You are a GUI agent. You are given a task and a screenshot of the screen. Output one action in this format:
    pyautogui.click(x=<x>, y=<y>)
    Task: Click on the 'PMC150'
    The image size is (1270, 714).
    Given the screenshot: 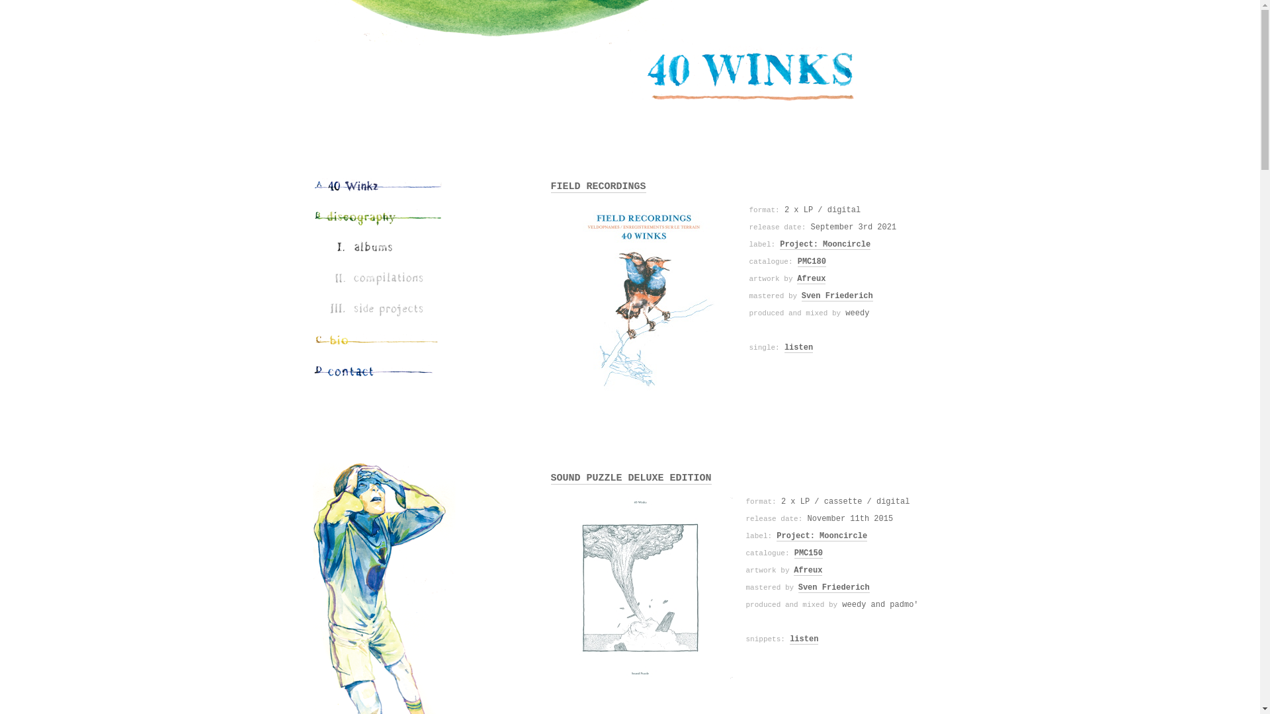 What is the action you would take?
    pyautogui.click(x=808, y=553)
    